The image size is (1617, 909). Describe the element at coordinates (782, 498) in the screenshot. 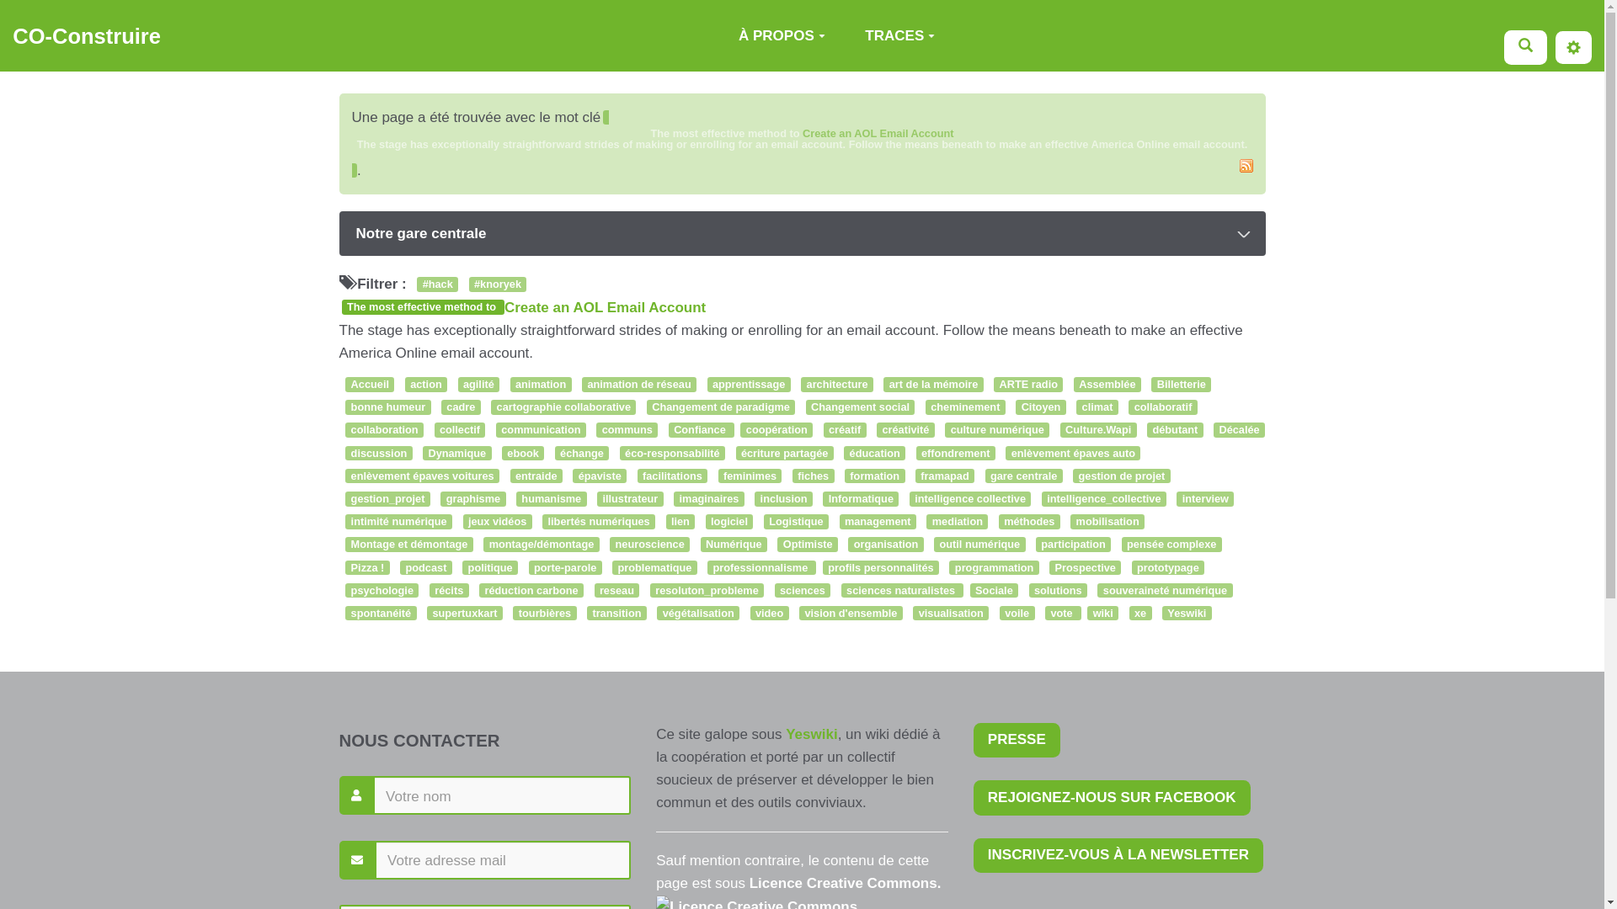

I see `'inclusion'` at that location.